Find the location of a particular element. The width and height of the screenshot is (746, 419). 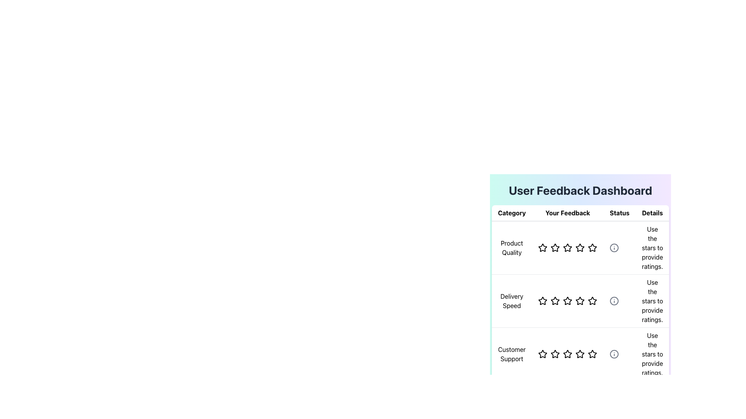

the fourth hollow star icon in the 'Customer Support' rating category to rate it is located at coordinates (580, 353).